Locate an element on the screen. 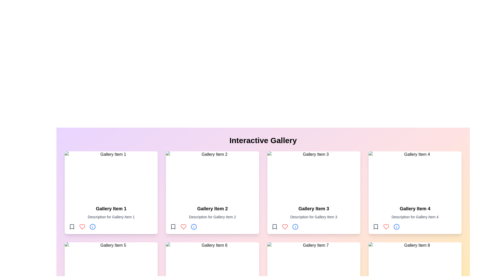 This screenshot has width=497, height=279. the circular information symbol located in the lower middle portion of 'Gallery Item 3' to provide more details or explanations about neighboring elements is located at coordinates (295, 227).